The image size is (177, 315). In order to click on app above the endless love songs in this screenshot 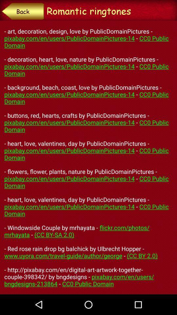, I will do `click(22, 11)`.